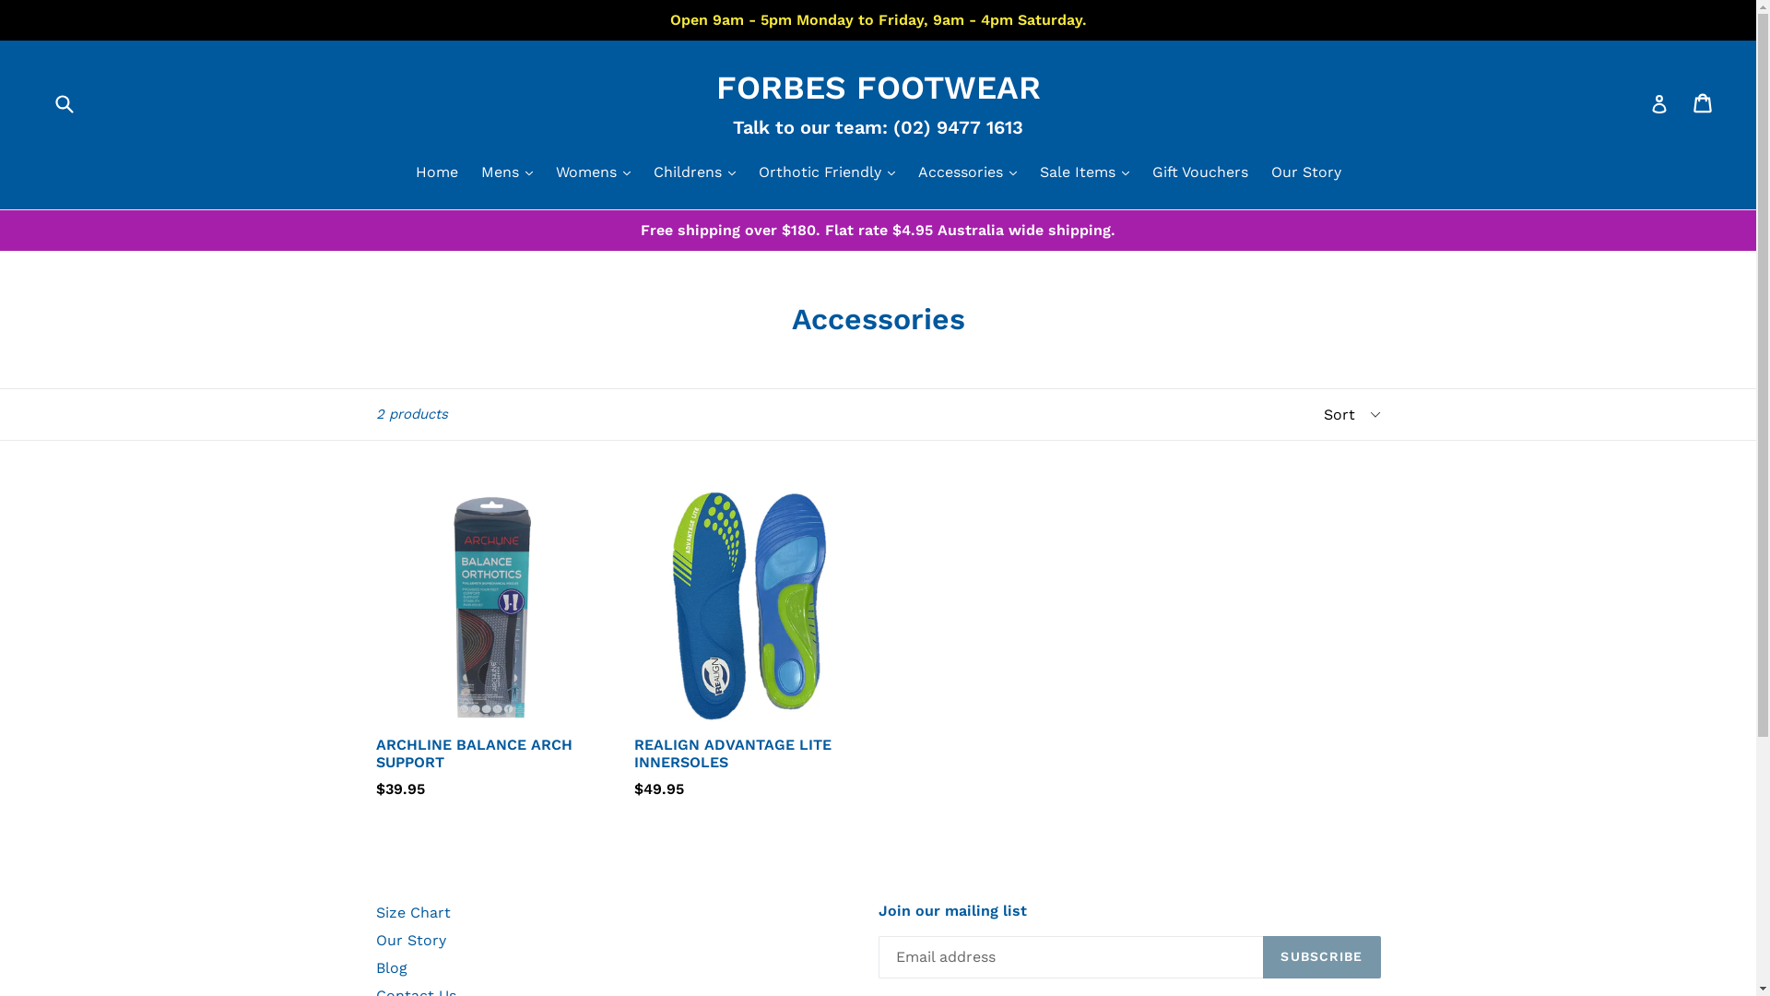  I want to click on 'SUBSCRIBE', so click(1261, 955).